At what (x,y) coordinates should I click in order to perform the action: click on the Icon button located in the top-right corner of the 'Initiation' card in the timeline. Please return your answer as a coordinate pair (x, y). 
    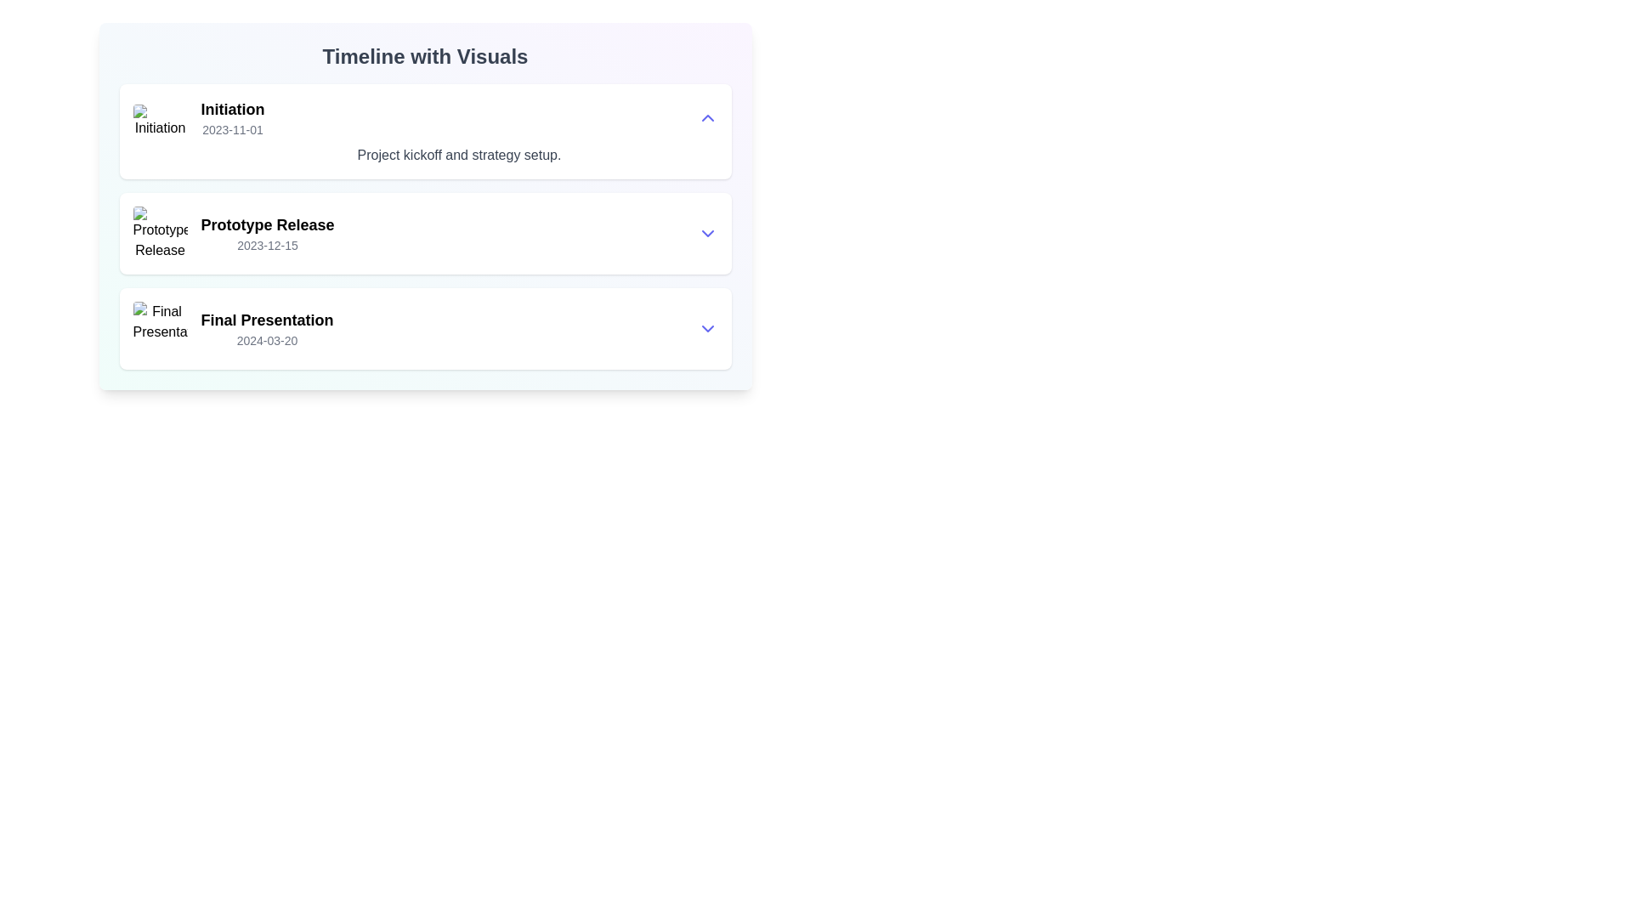
    Looking at the image, I should click on (707, 116).